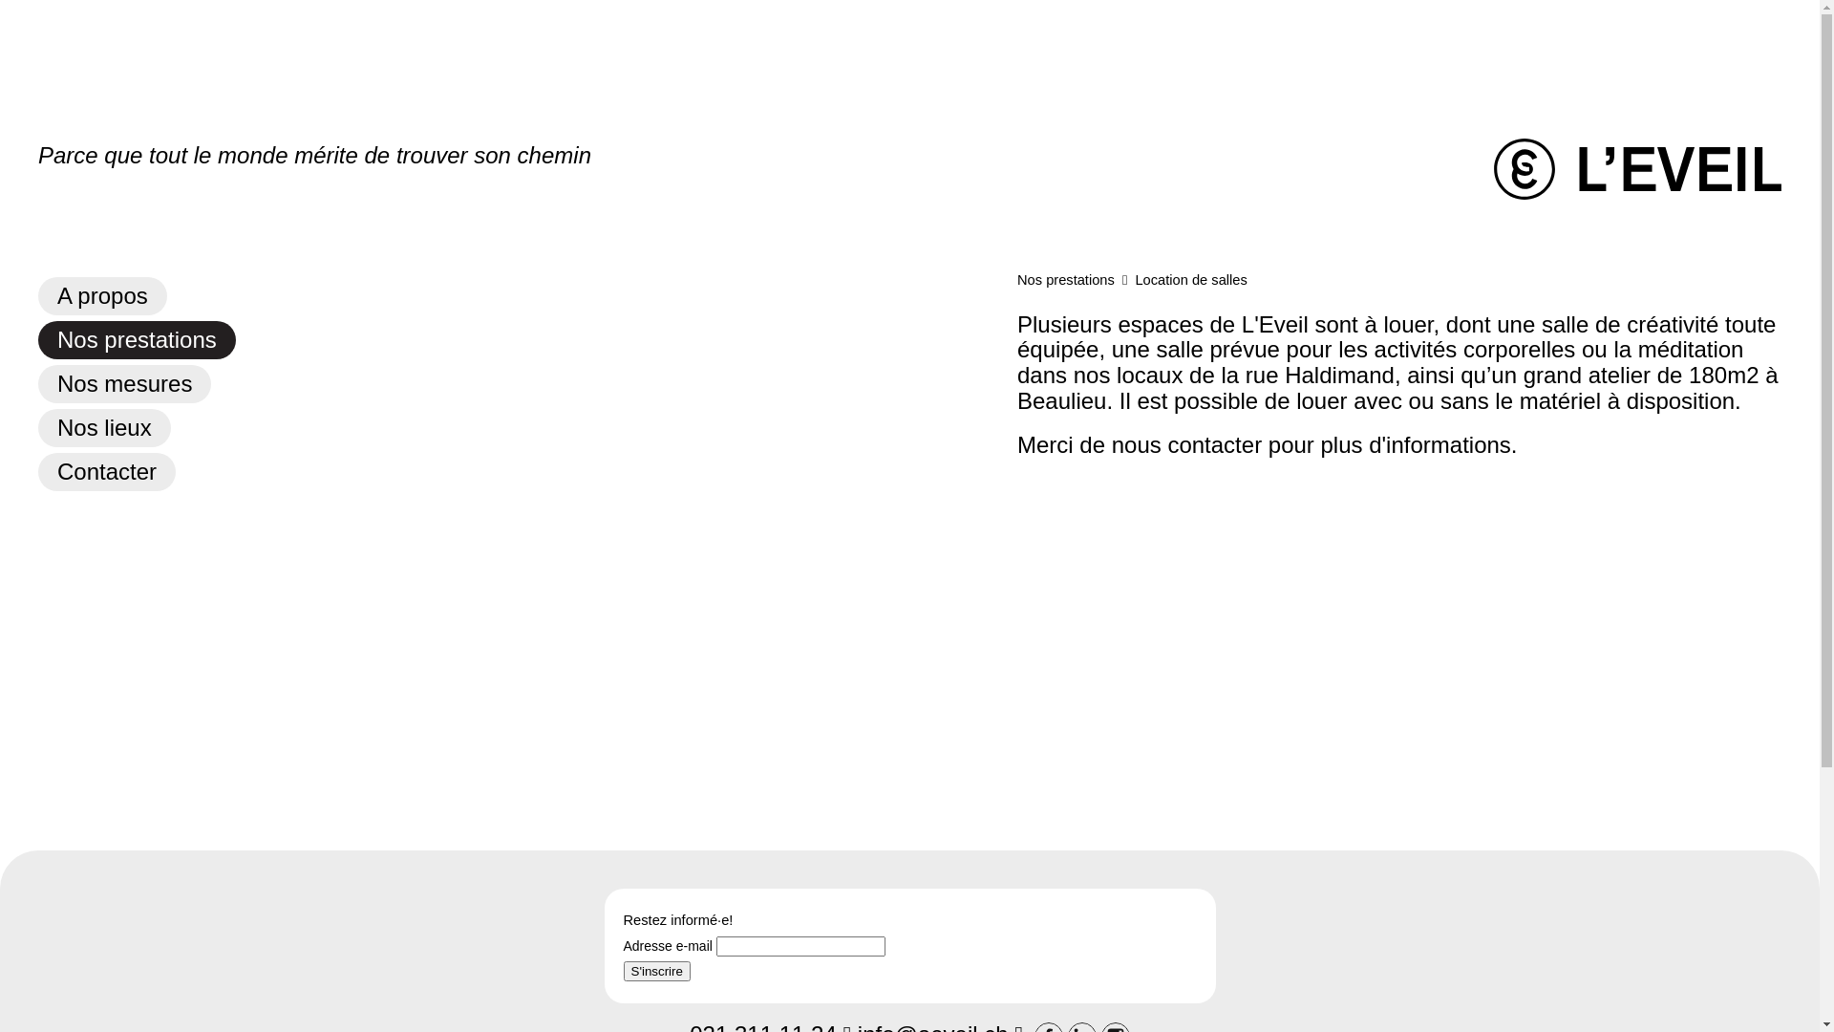 The image size is (1834, 1032). Describe the element at coordinates (37, 383) in the screenshot. I see `'Nos mesures'` at that location.